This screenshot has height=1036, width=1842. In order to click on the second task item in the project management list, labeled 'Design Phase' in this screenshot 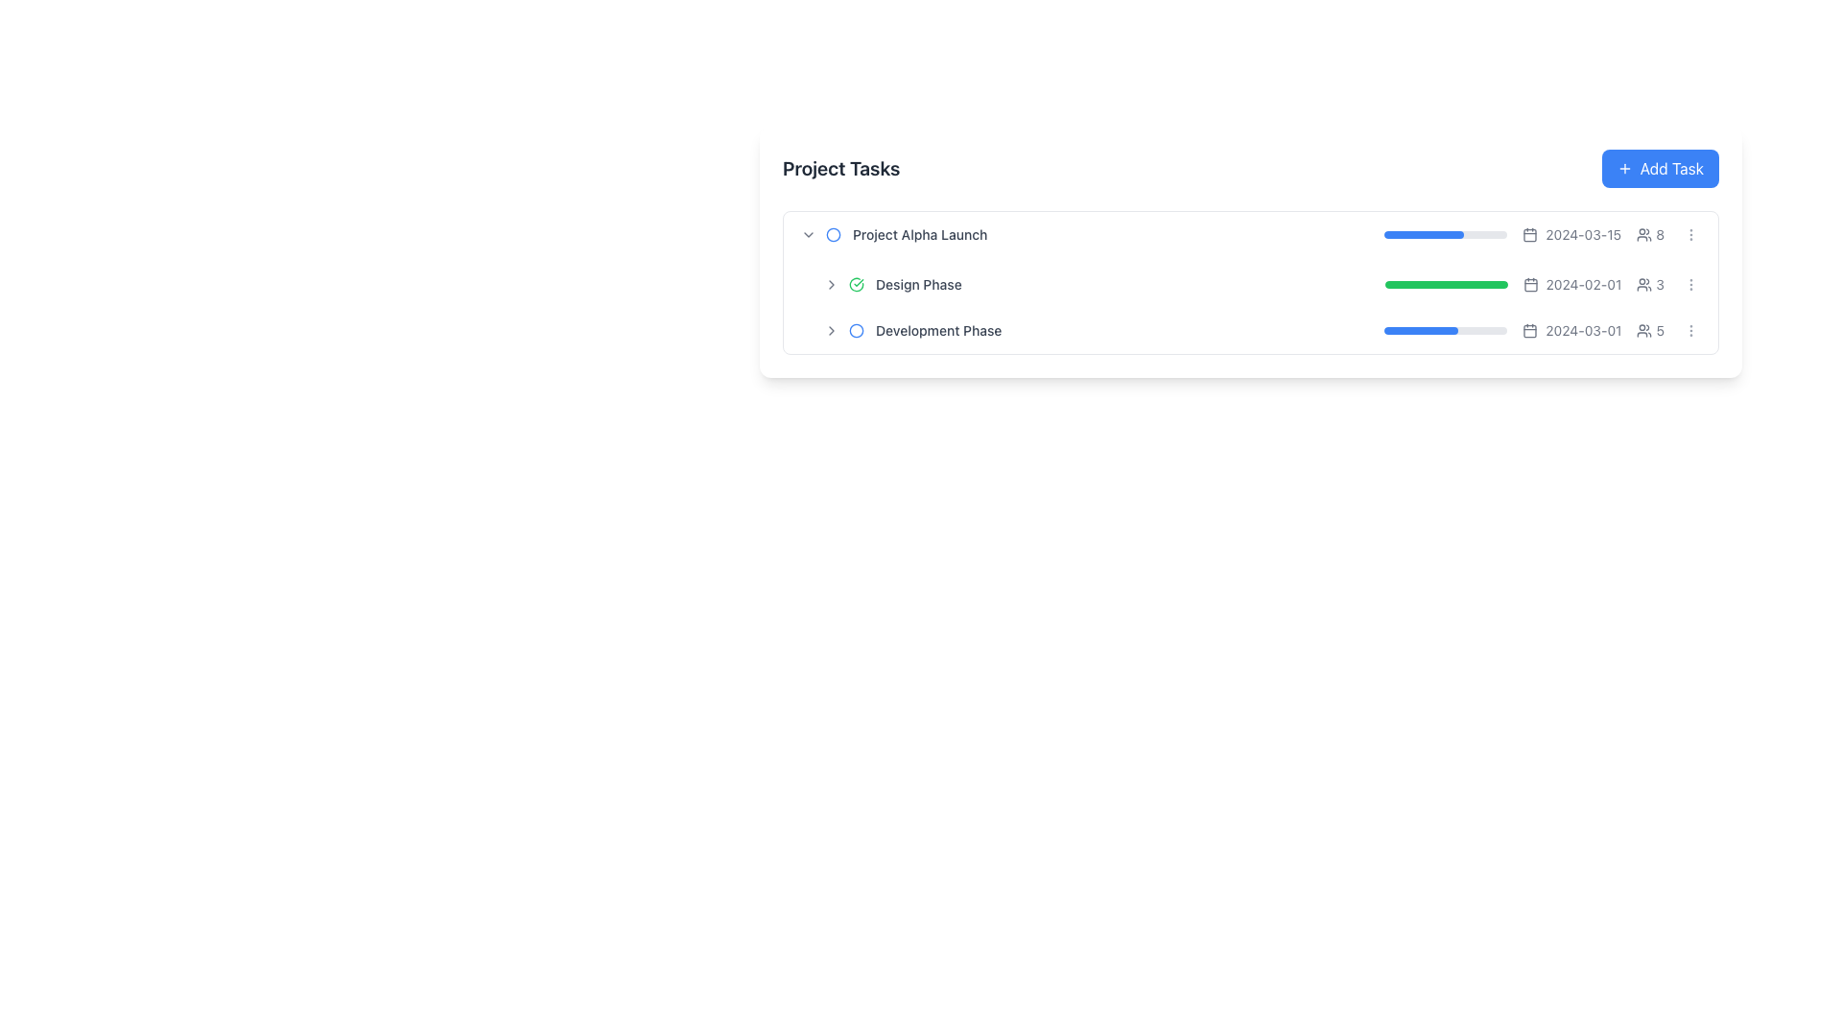, I will do `click(1262, 285)`.